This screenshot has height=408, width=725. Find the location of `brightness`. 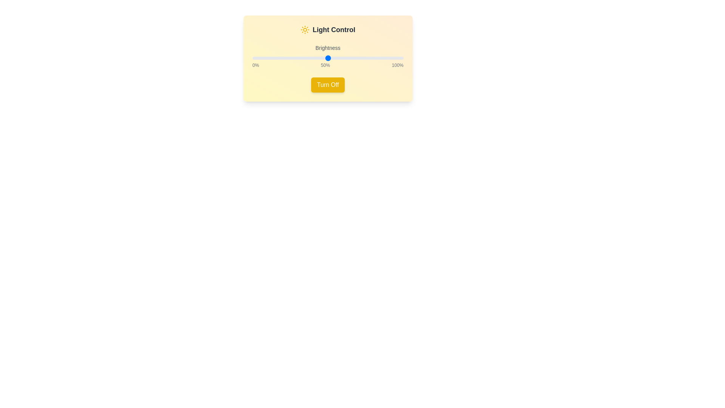

brightness is located at coordinates (297, 58).